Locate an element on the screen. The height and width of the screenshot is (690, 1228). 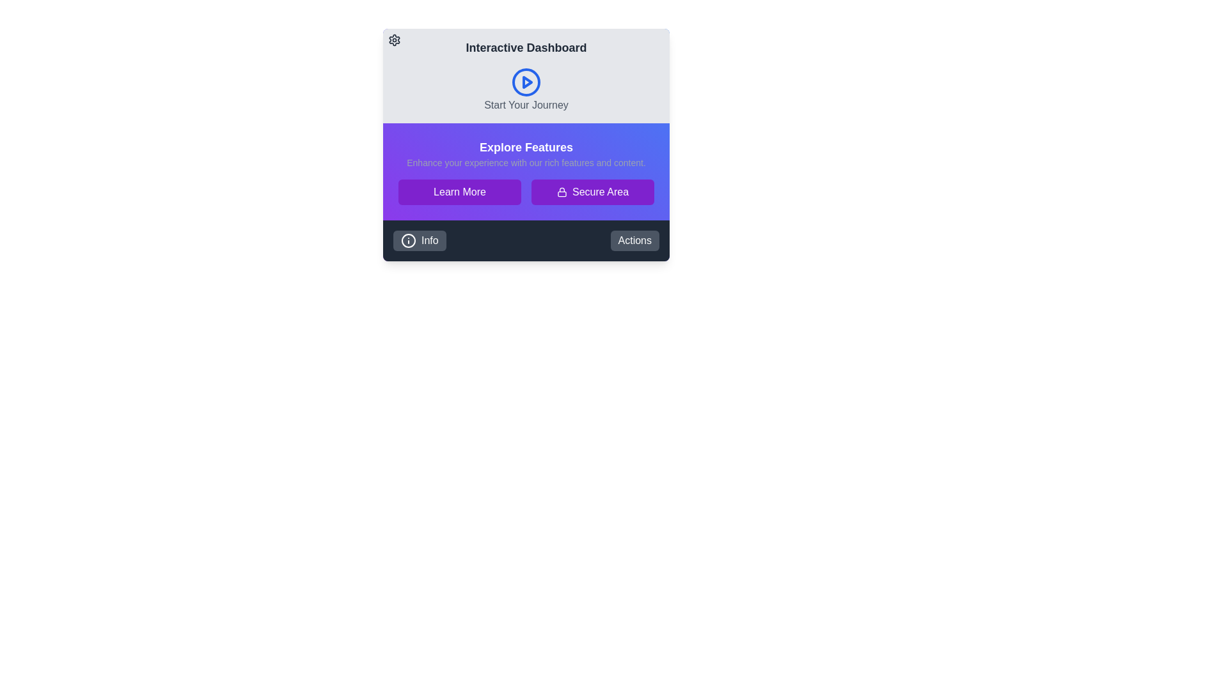
the button located beneath the heading 'Explore Features' and to the left of the 'Secure Area' button is located at coordinates (460, 192).